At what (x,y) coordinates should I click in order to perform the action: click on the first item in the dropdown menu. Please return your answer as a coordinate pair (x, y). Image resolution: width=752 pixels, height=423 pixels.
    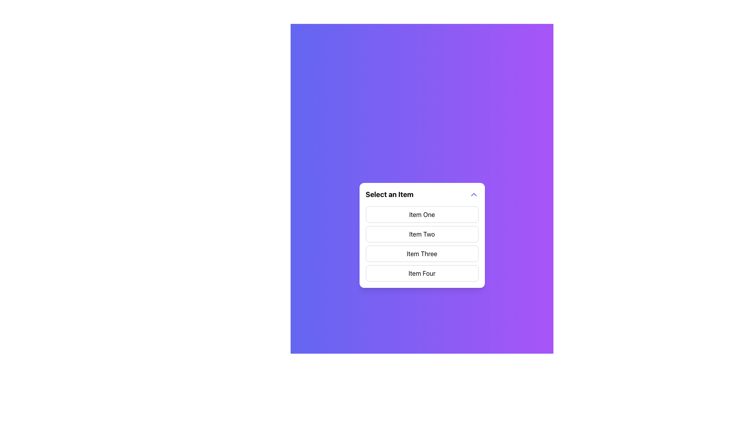
    Looking at the image, I should click on (421, 214).